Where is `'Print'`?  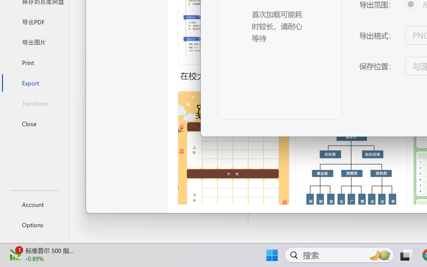
'Print' is located at coordinates (34, 62).